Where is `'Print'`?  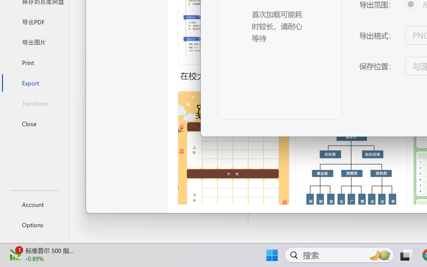
'Print' is located at coordinates (34, 62).